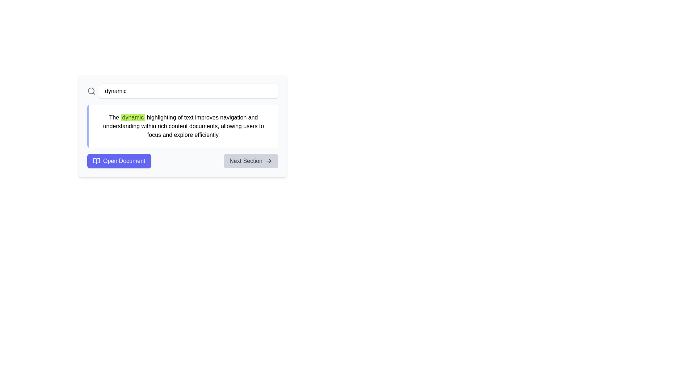 This screenshot has width=695, height=391. What do you see at coordinates (182, 126) in the screenshot?
I see `the Descriptive Text Box located centrally beneath the search bar, above the 'Open Document' and 'Next Section' buttons` at bounding box center [182, 126].